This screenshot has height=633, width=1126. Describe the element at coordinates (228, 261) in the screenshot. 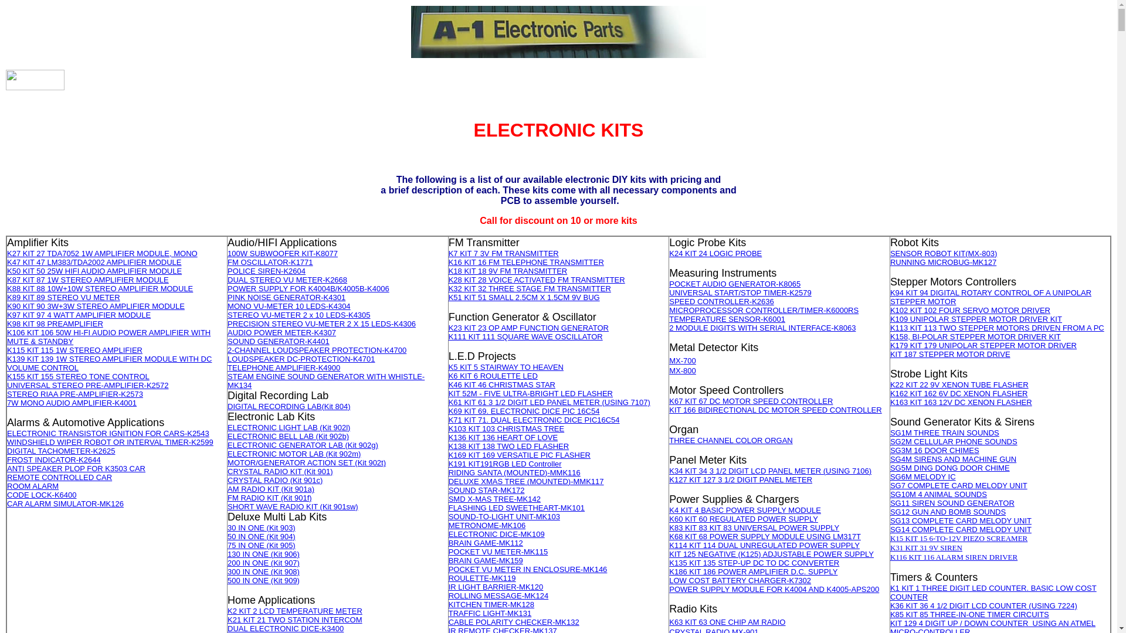

I see `'FM OSCILLATOR-K1771'` at that location.